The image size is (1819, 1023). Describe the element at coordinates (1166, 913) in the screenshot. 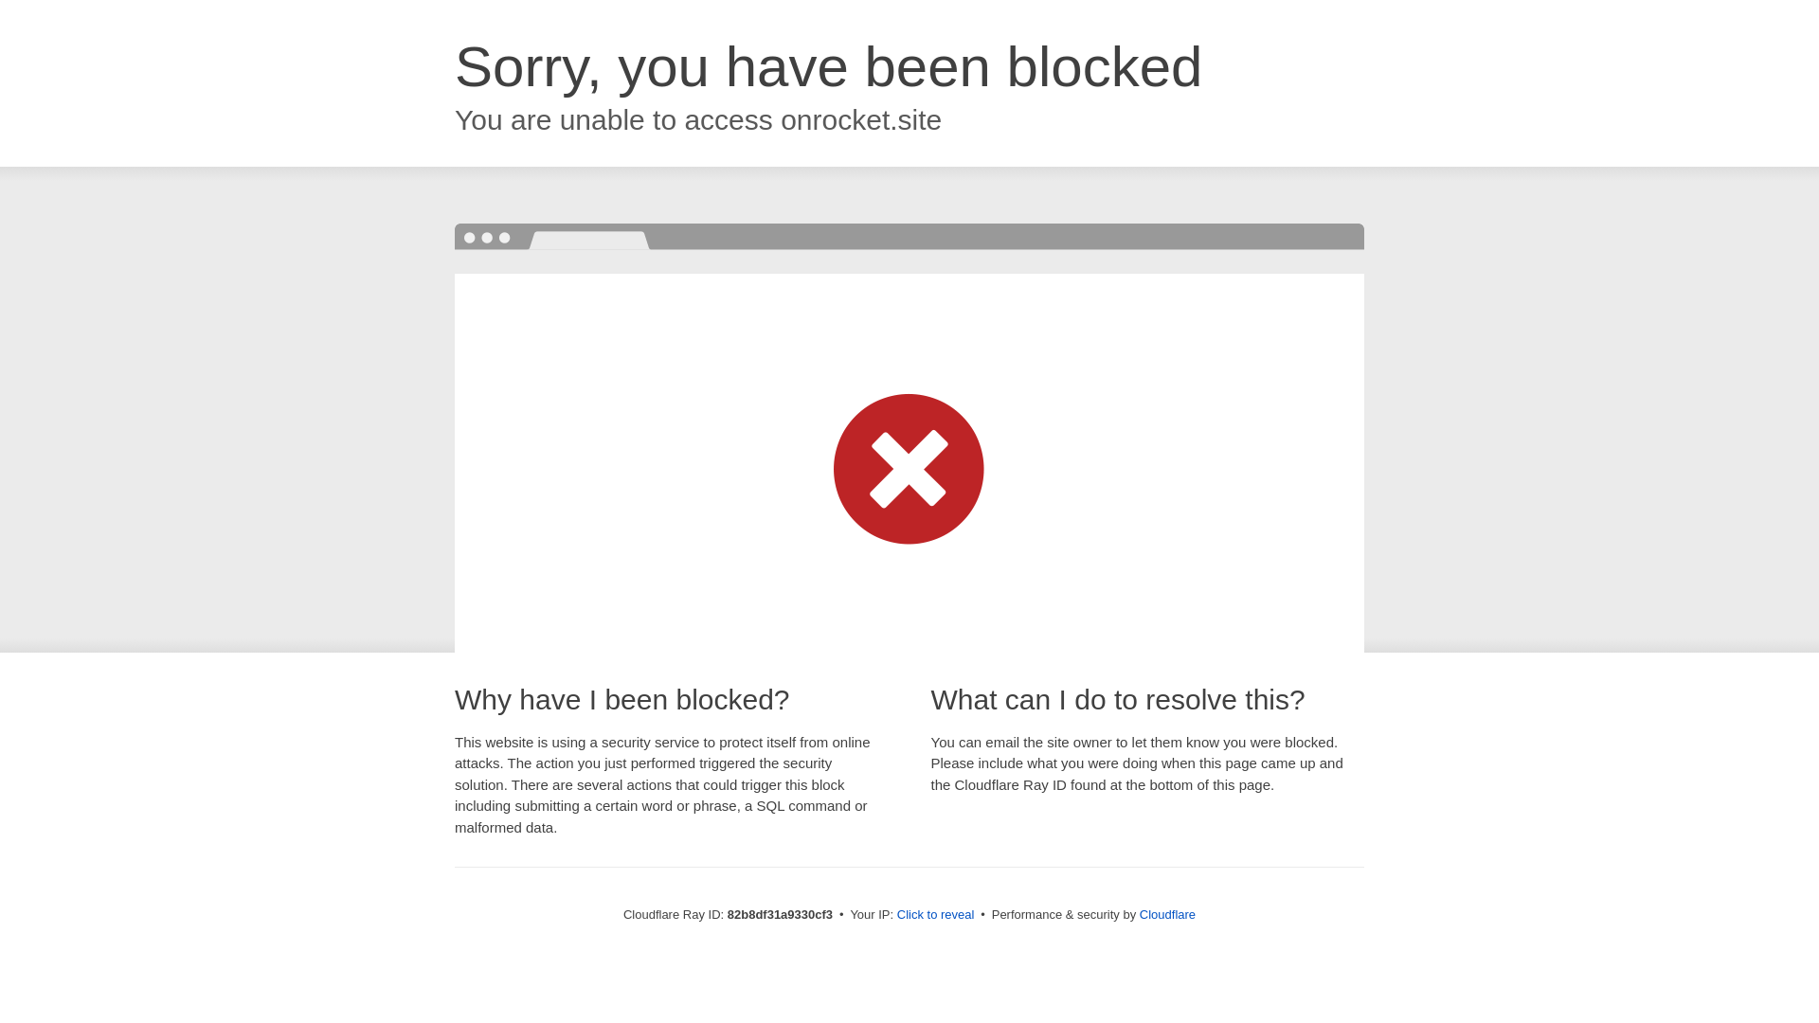

I see `'Cloudflare'` at that location.